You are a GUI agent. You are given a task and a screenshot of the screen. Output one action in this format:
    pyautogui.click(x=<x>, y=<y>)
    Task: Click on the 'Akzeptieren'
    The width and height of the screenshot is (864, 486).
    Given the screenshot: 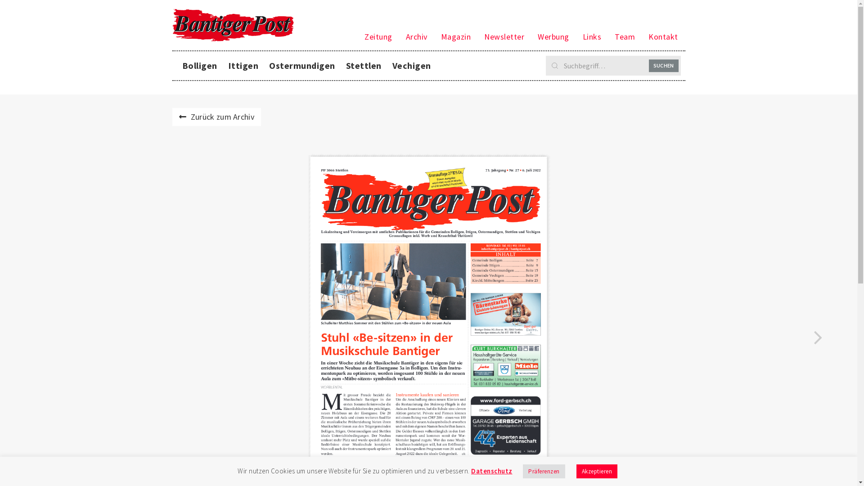 What is the action you would take?
    pyautogui.click(x=596, y=471)
    